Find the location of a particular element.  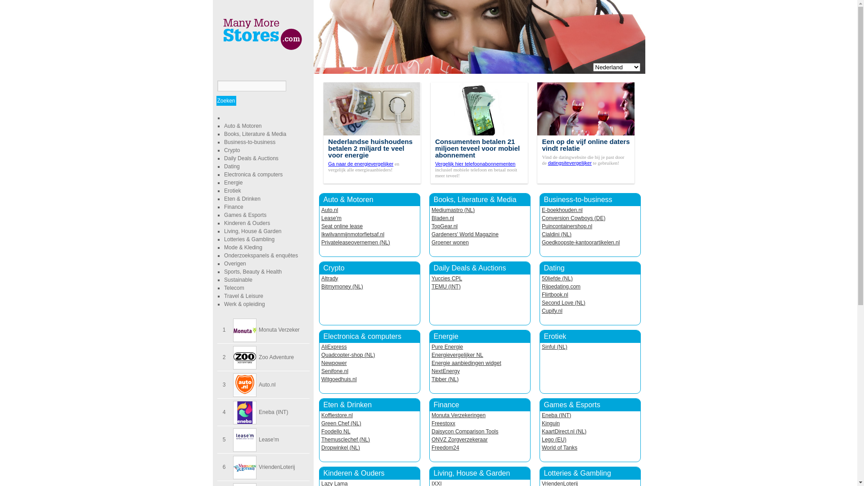

'ONVZ Zorgverzekeraar' is located at coordinates (459, 439).